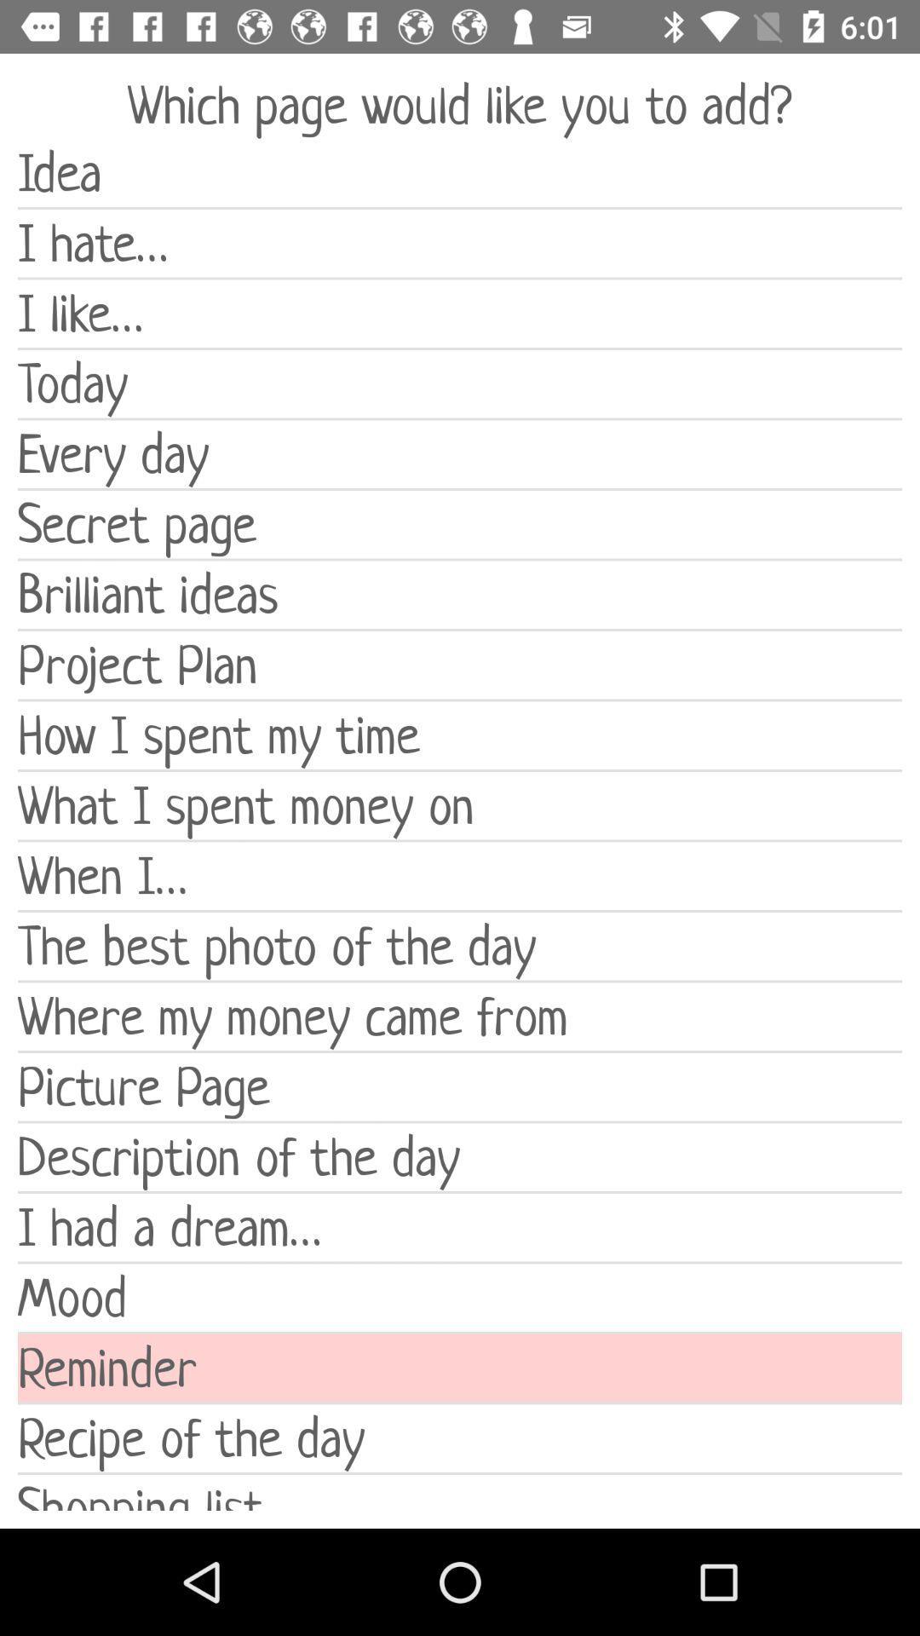  Describe the element at coordinates (460, 1368) in the screenshot. I see `the item below mood item` at that location.